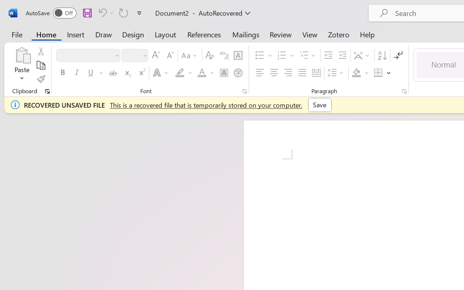 This screenshot has height=290, width=464. Describe the element at coordinates (47, 91) in the screenshot. I see `'Office Clipboard...'` at that location.